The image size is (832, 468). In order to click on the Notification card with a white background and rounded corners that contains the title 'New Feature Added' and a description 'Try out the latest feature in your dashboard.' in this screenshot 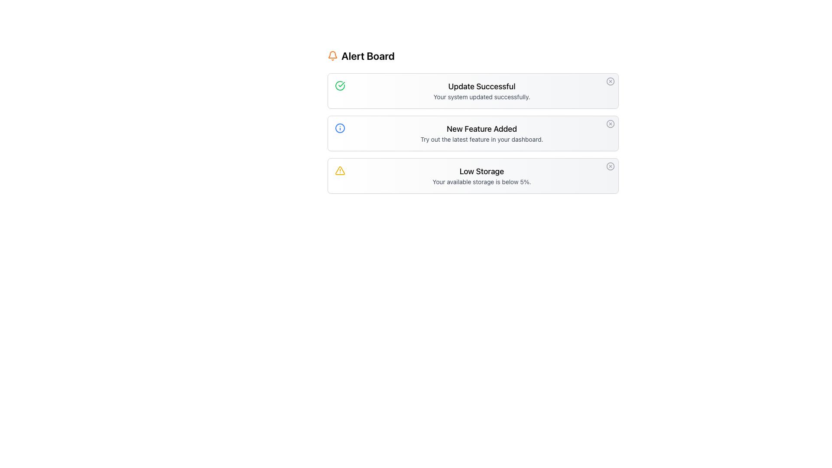, I will do `click(472, 121)`.